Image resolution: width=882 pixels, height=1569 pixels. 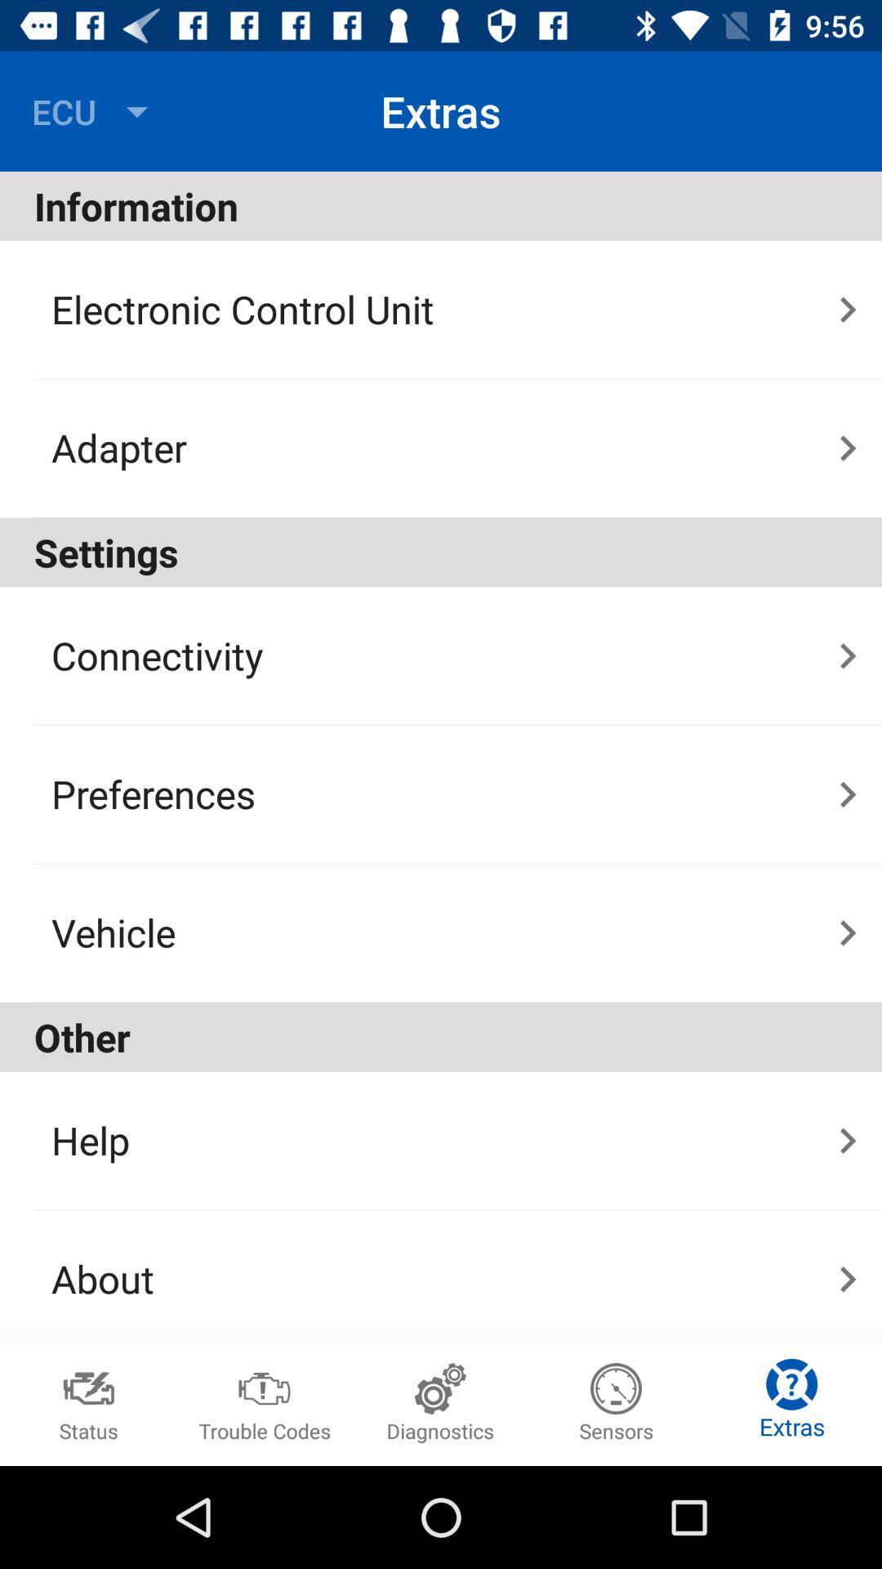 What do you see at coordinates (94, 110) in the screenshot?
I see `the ecu` at bounding box center [94, 110].